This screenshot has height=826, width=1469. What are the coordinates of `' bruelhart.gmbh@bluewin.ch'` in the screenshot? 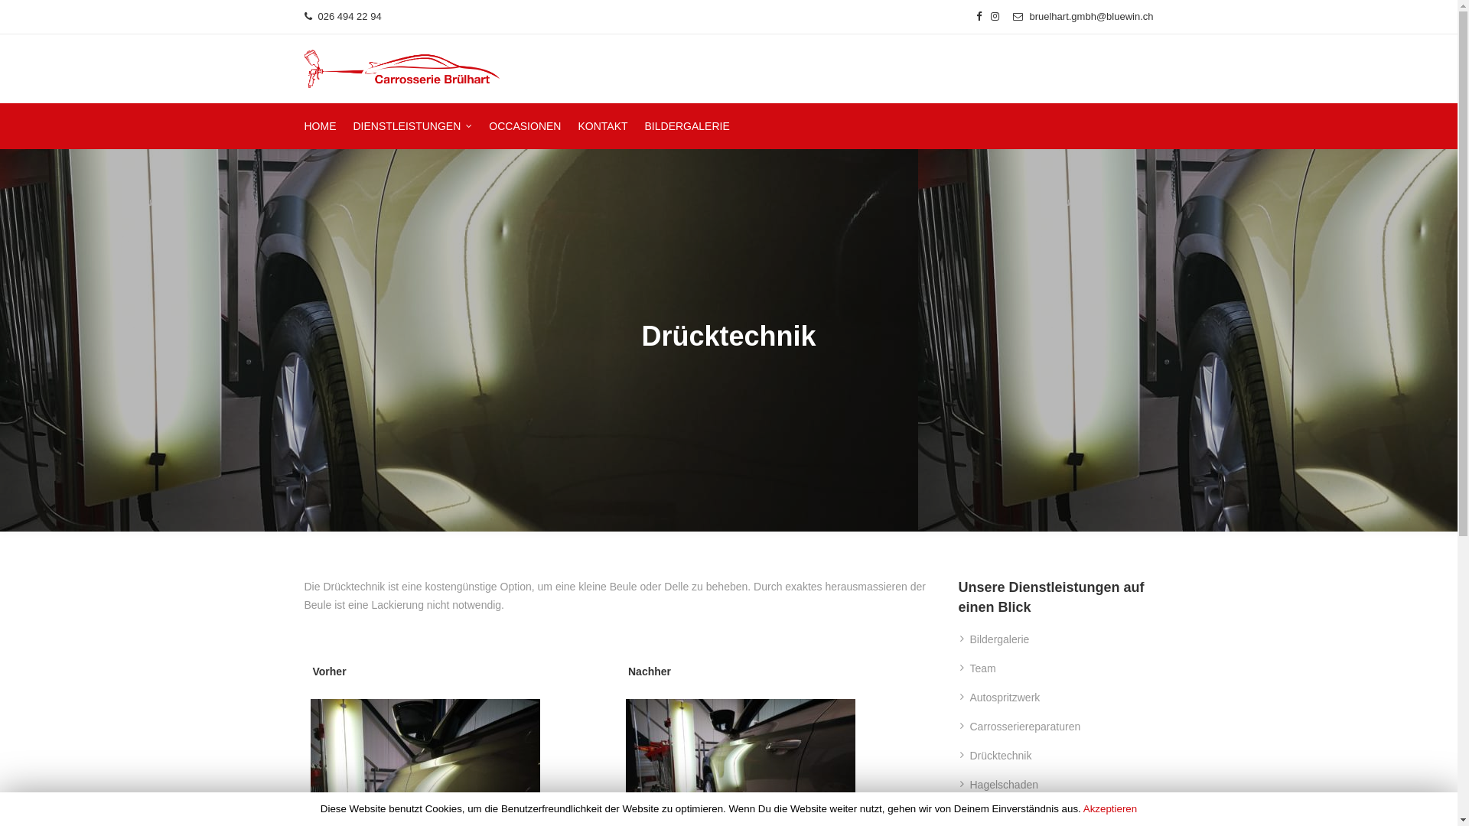 It's located at (1013, 16).